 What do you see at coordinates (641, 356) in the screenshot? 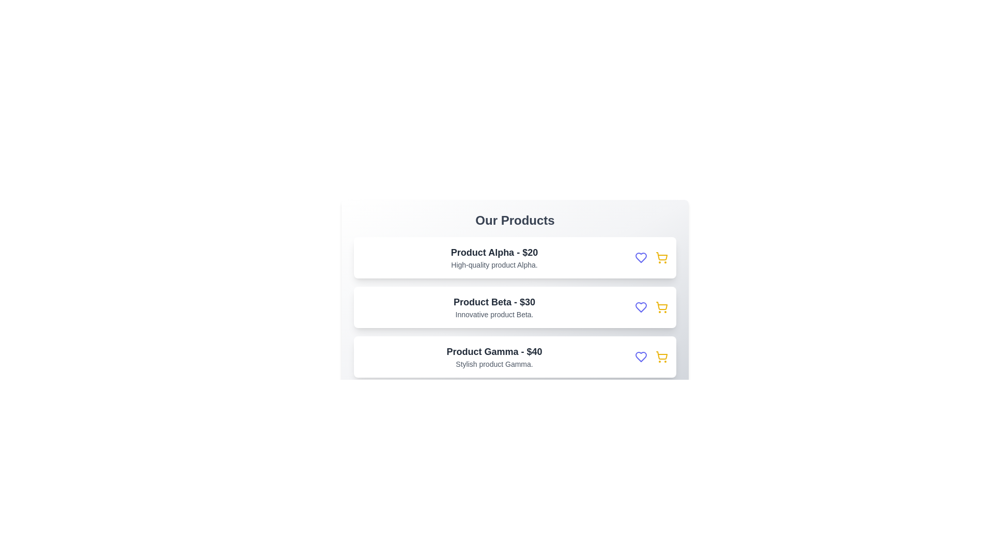
I see `the heart icon for Product Gamma to explore its details` at bounding box center [641, 356].